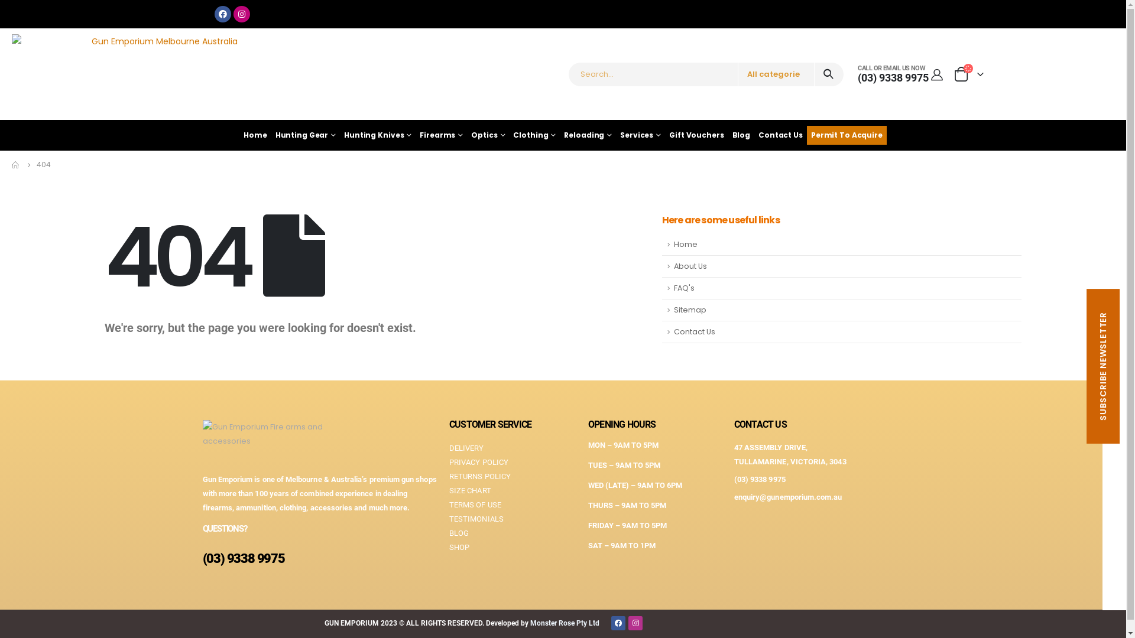 The image size is (1135, 638). Describe the element at coordinates (928, 74) in the screenshot. I see `'My Account'` at that location.